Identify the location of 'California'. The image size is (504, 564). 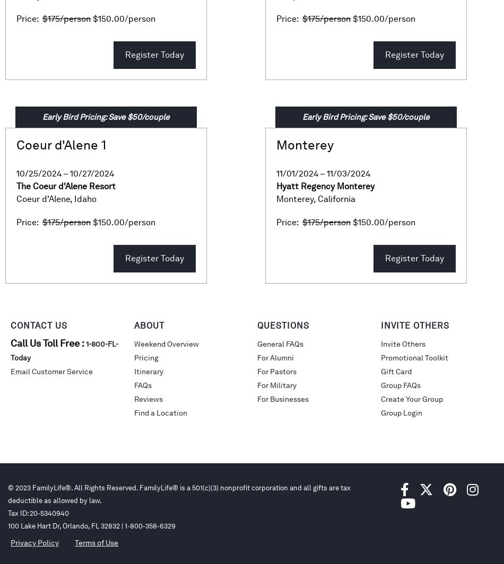
(336, 199).